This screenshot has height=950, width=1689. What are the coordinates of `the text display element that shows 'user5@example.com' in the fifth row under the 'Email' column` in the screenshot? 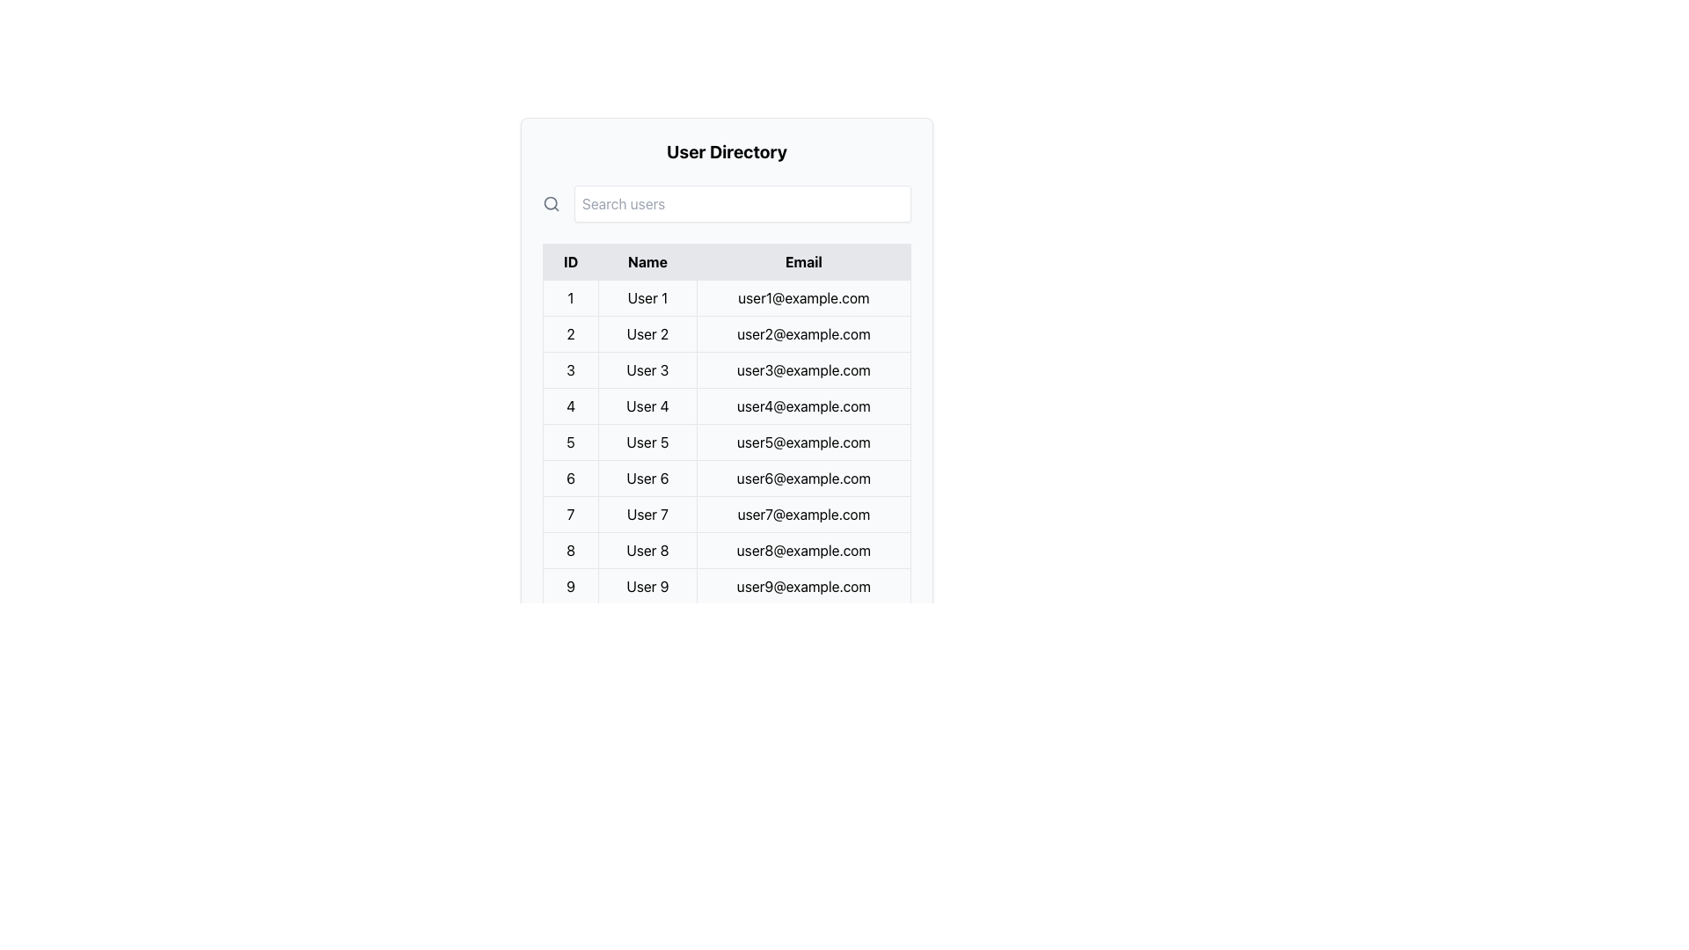 It's located at (802, 441).